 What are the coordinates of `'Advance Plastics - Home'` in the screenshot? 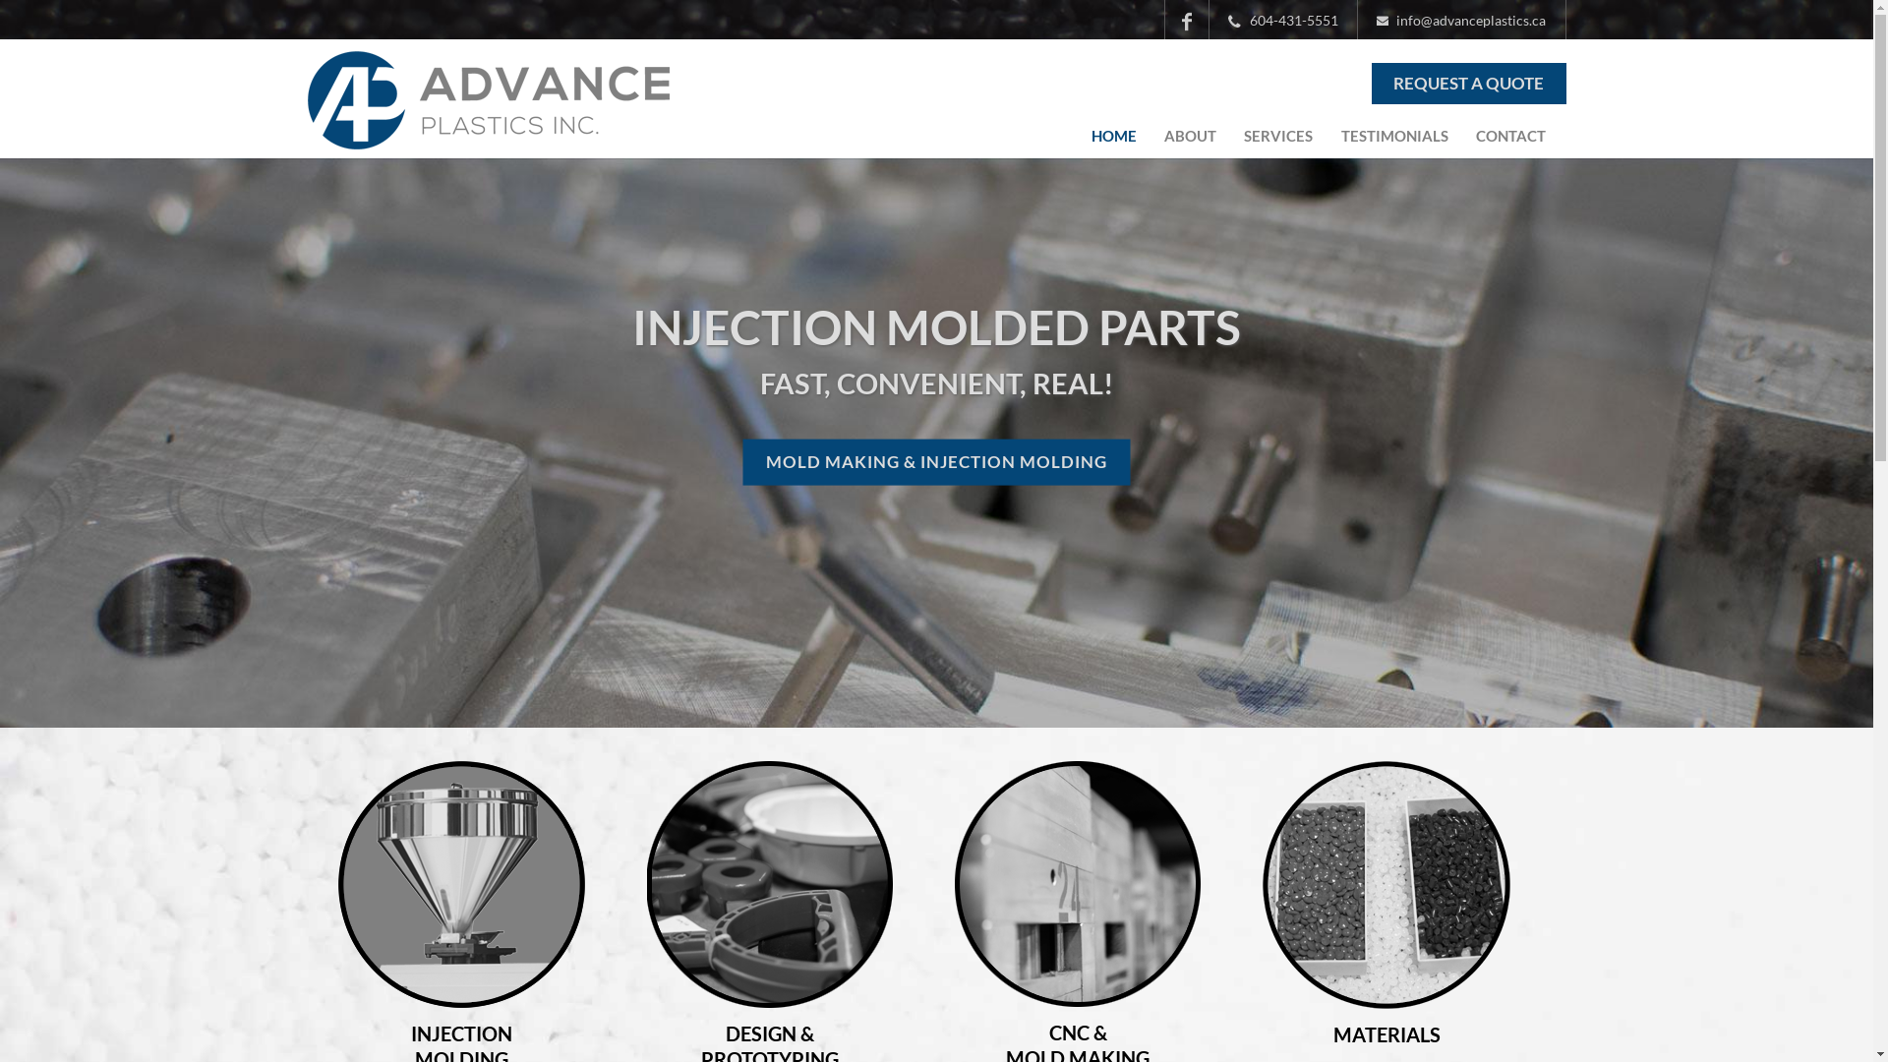 It's located at (487, 135).